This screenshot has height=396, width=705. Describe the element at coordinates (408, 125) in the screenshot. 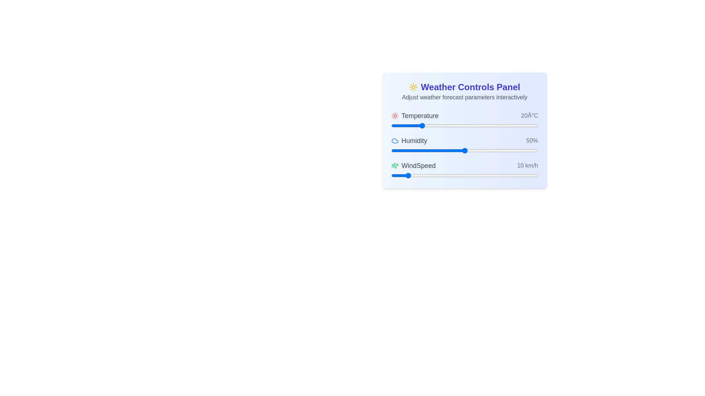

I see `the temperature slider to set the temperature to -13°C` at that location.